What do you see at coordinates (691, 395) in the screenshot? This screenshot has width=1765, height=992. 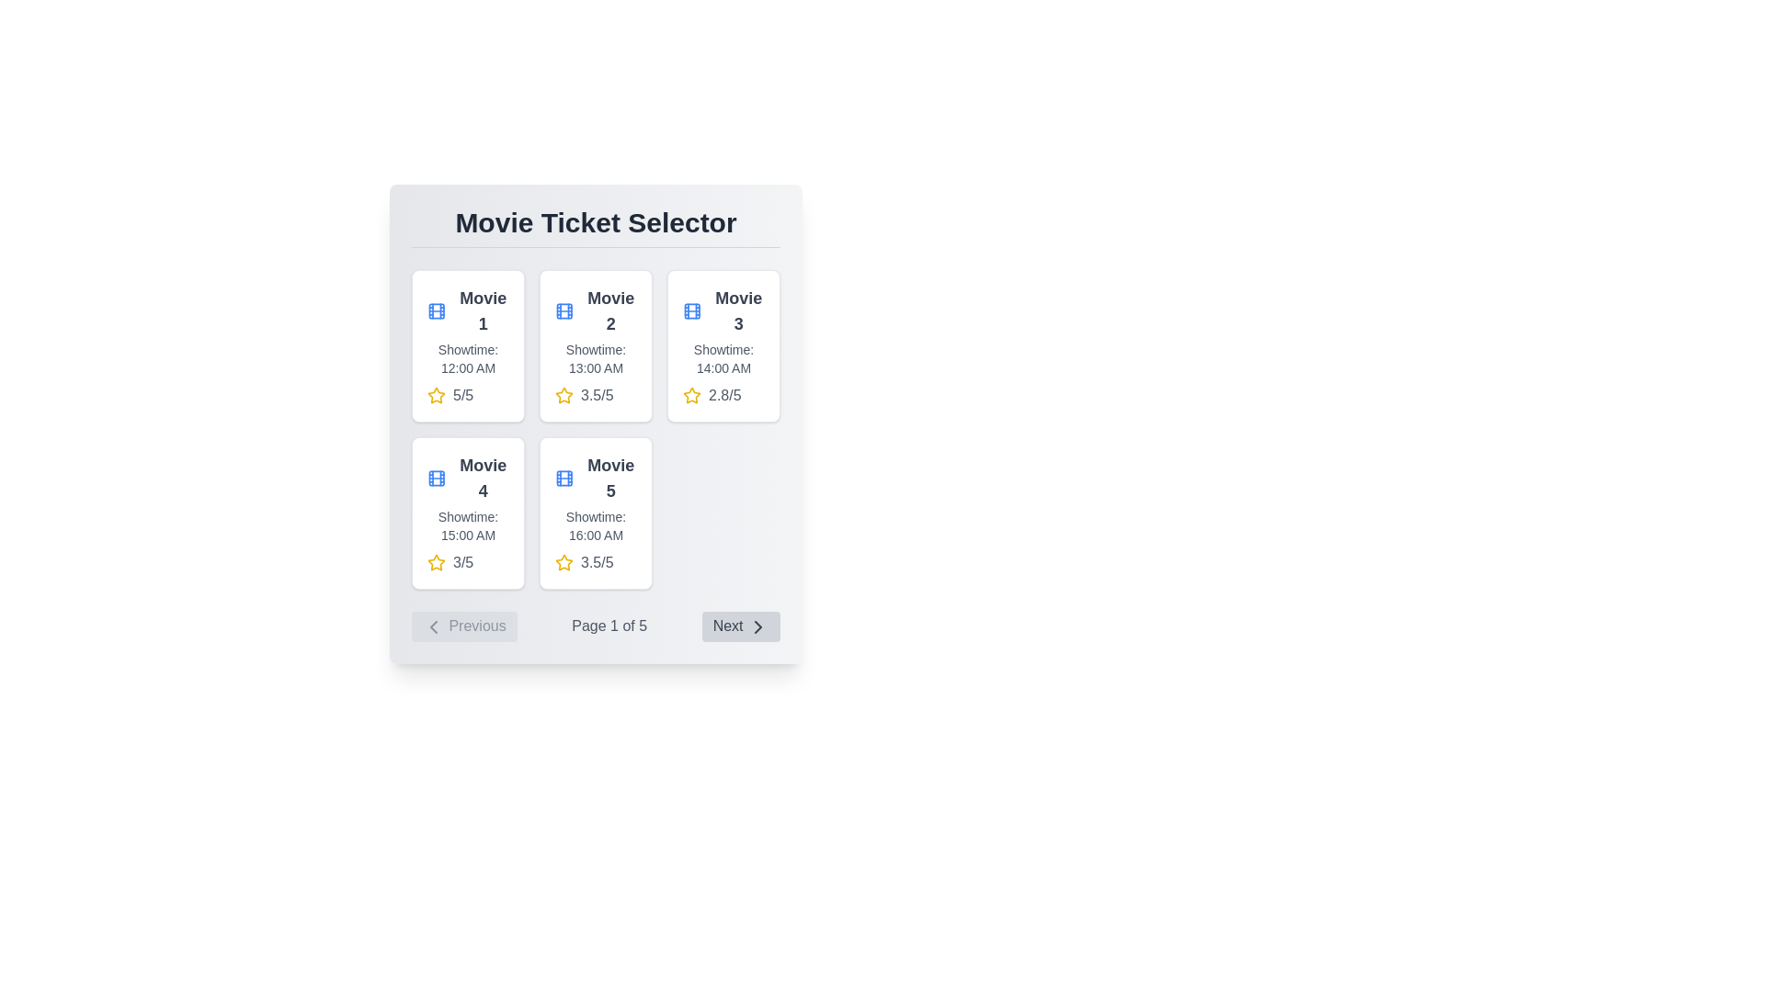 I see `the star icon in the third movie card, which indicates a rating of '2.8/5', to perform related operations` at bounding box center [691, 395].